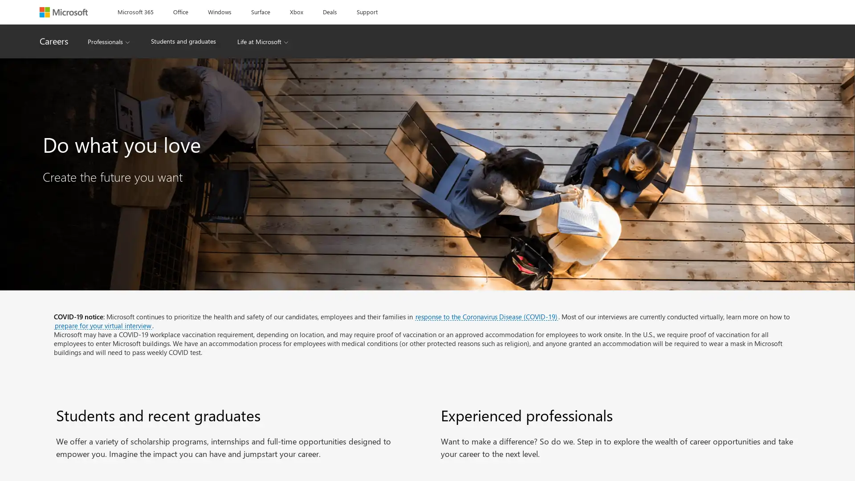 The width and height of the screenshot is (855, 481). Describe the element at coordinates (720, 20) in the screenshot. I see `Reject` at that location.